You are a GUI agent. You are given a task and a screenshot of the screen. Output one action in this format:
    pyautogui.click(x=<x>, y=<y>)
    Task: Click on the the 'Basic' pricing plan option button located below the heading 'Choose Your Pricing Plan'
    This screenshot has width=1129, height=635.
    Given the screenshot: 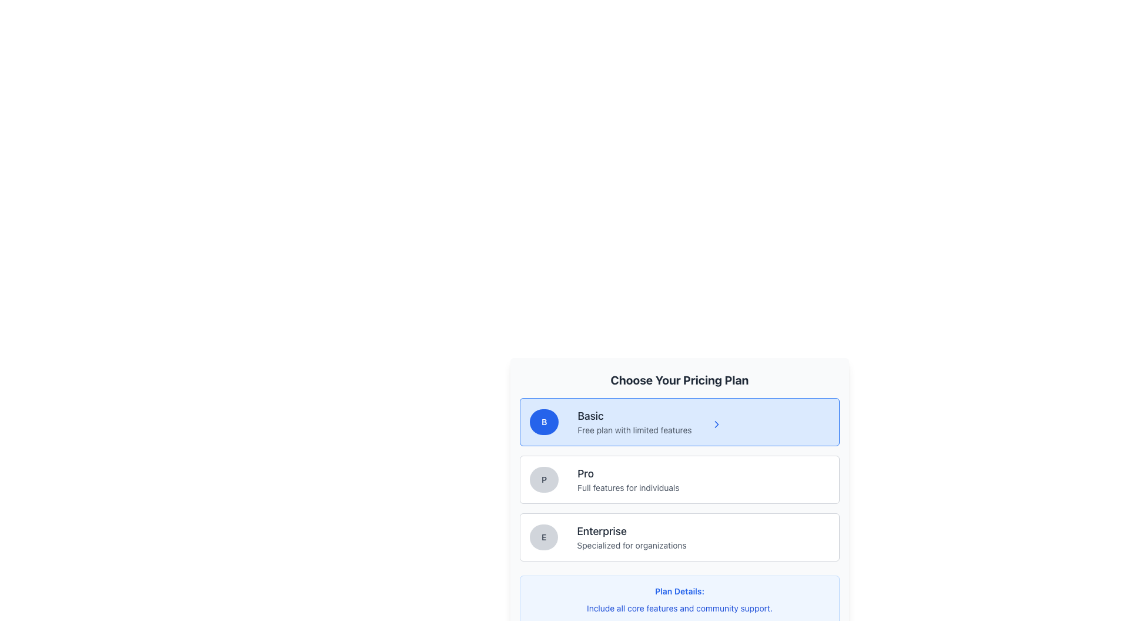 What is the action you would take?
    pyautogui.click(x=680, y=421)
    